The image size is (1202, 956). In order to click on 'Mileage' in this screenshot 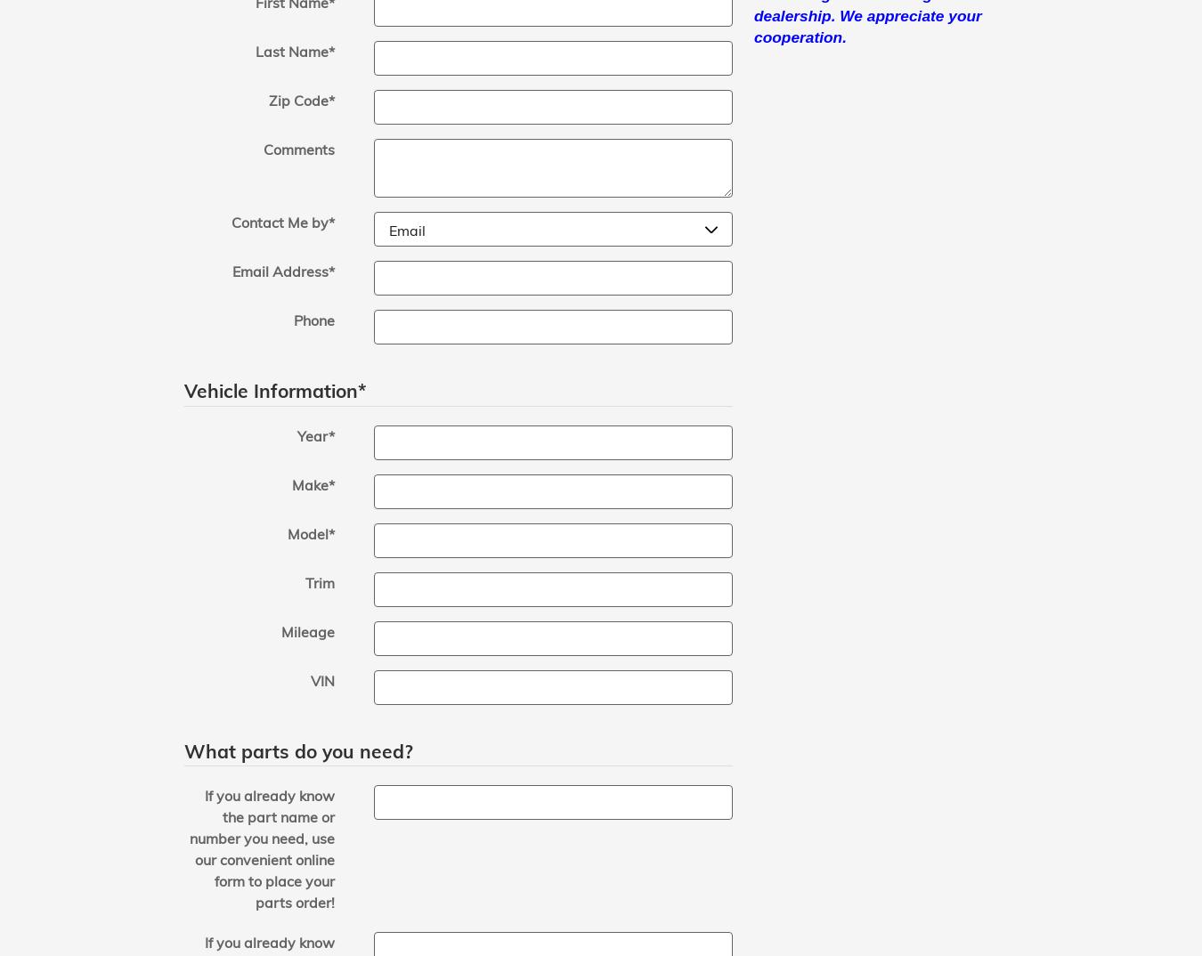, I will do `click(280, 630)`.